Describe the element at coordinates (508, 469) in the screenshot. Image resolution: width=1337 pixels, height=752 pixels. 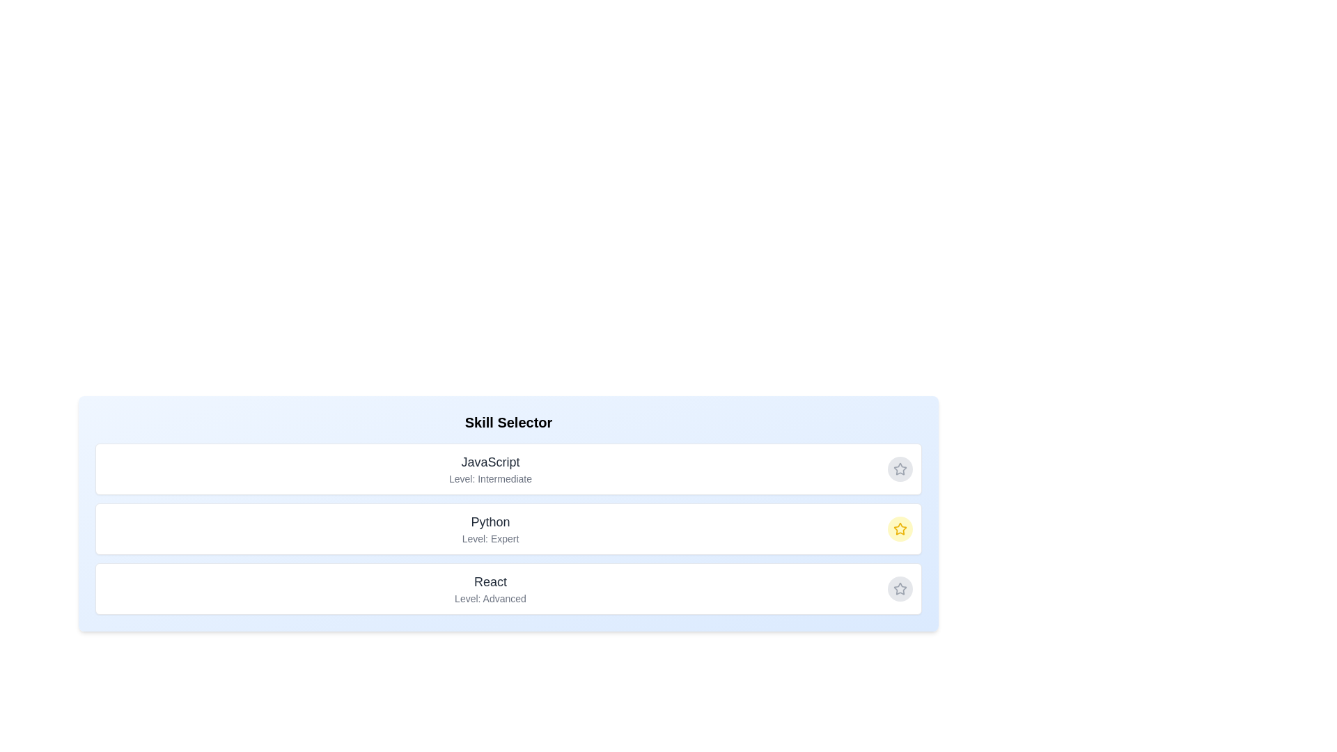
I see `the skill item JavaScript to inspect its hover effects` at that location.